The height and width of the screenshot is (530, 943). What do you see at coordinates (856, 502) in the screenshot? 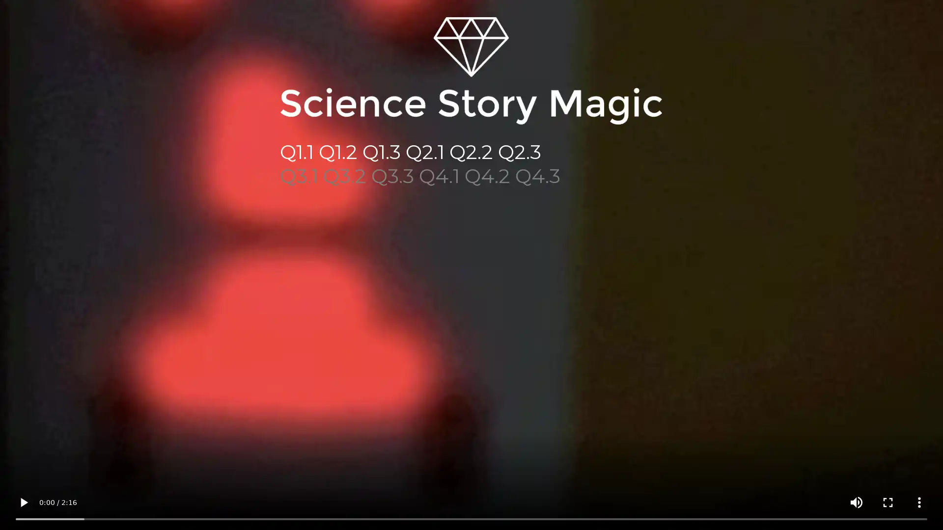
I see `mute` at bounding box center [856, 502].